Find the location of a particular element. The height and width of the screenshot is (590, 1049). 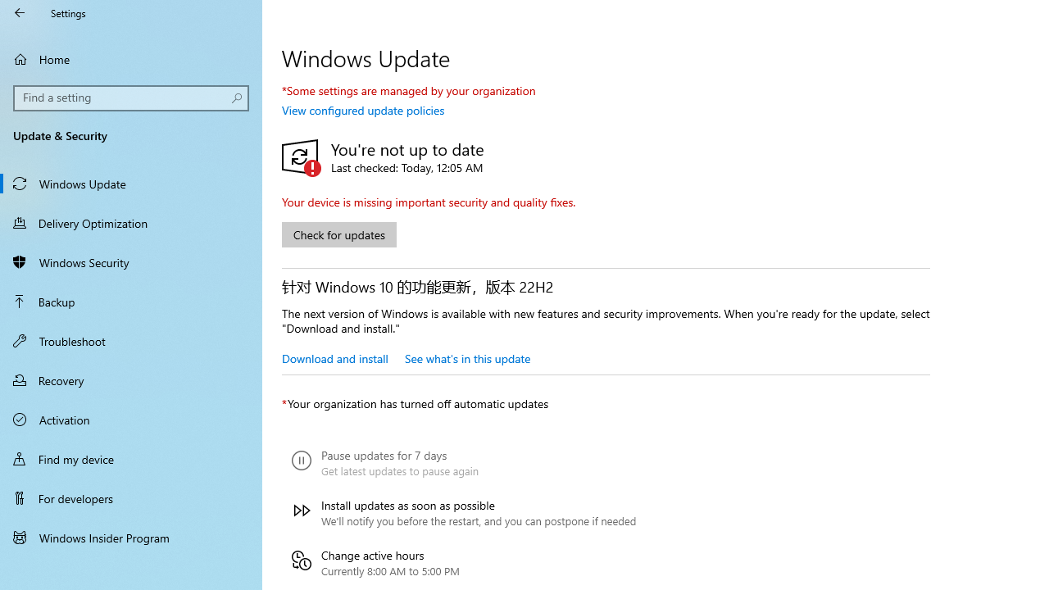

'Troubleshoot' is located at coordinates (131, 339).